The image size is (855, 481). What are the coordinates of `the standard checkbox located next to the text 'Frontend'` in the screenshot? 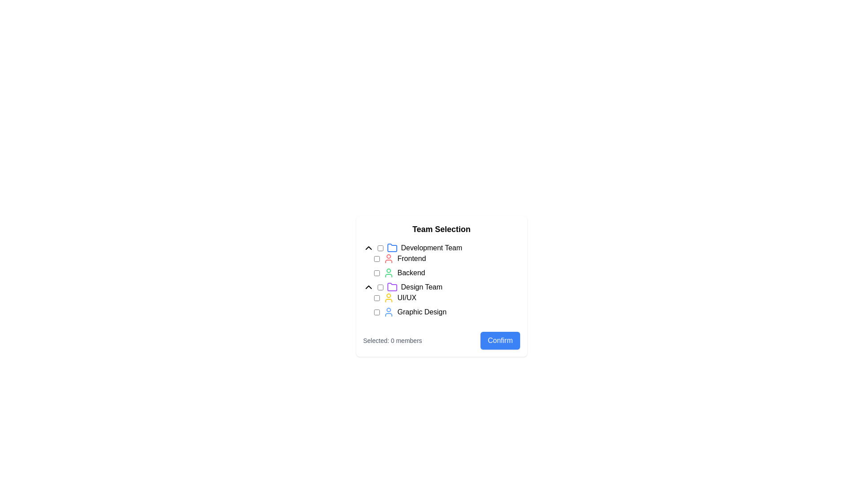 It's located at (376, 259).